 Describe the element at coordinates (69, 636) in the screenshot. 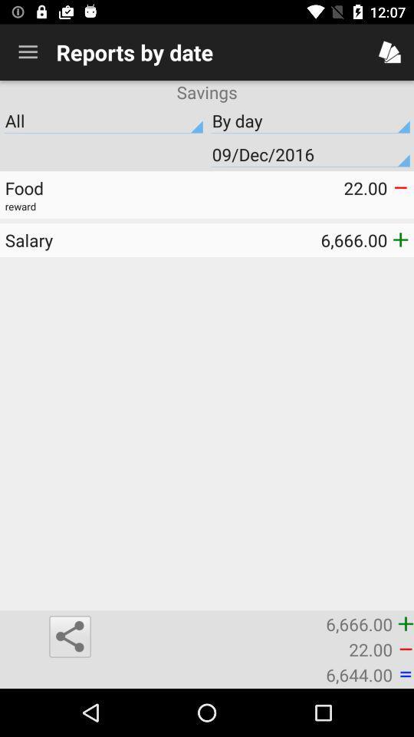

I see `sharing option` at that location.